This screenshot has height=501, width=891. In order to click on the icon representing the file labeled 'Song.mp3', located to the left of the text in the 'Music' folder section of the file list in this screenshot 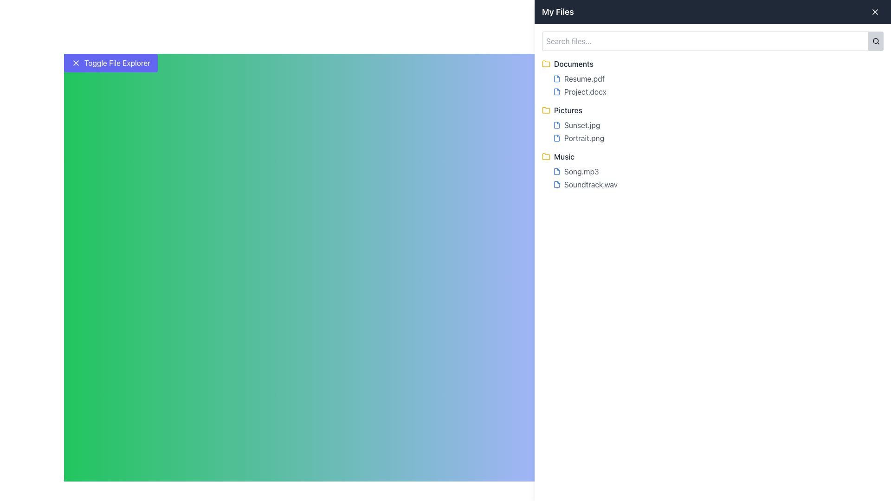, I will do `click(557, 172)`.